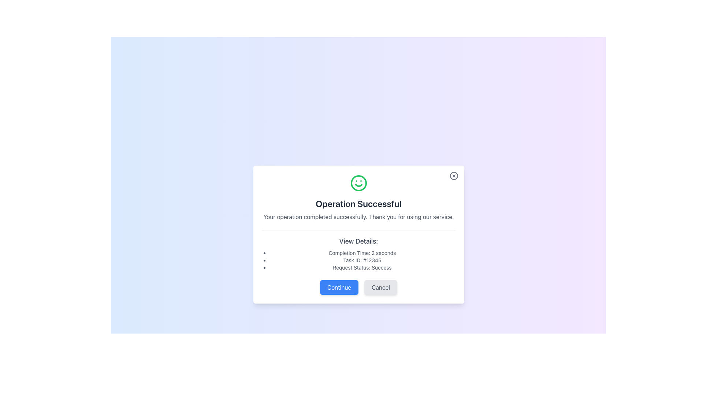 The width and height of the screenshot is (703, 395). Describe the element at coordinates (358, 183) in the screenshot. I see `the large green circular smiley-face icon located at the top of the confirmation dialog box, which is directly above the text 'Operation Successful'` at that location.